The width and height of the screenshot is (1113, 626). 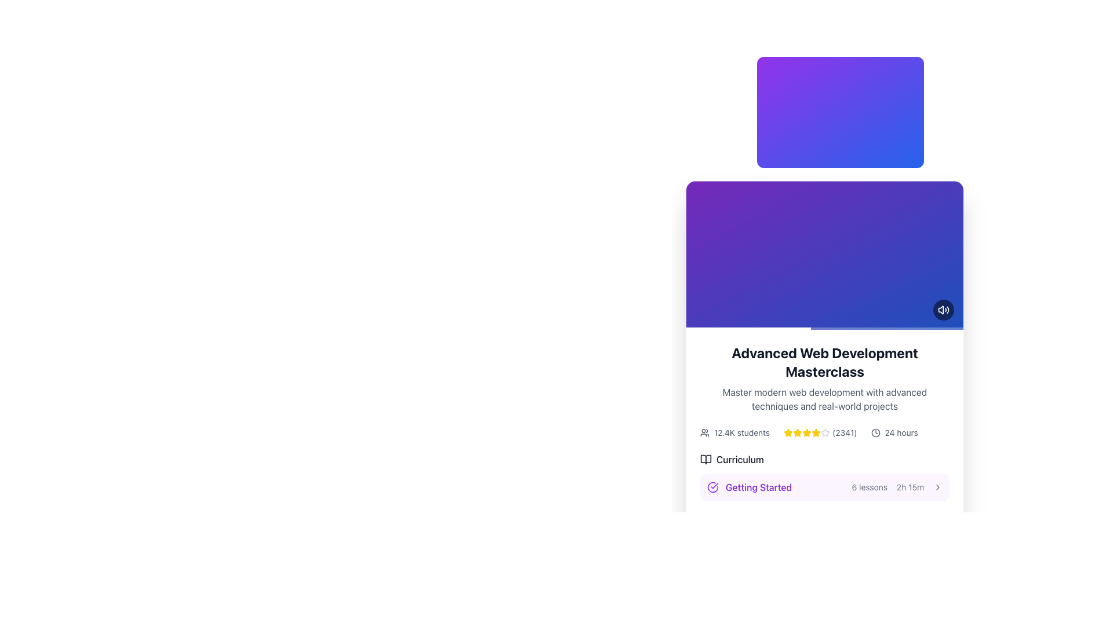 What do you see at coordinates (824, 329) in the screenshot?
I see `the progress indicator bar located at the bottom edge of the gradient background area, which is semi-transparent white with a fully white segment on the left side` at bounding box center [824, 329].